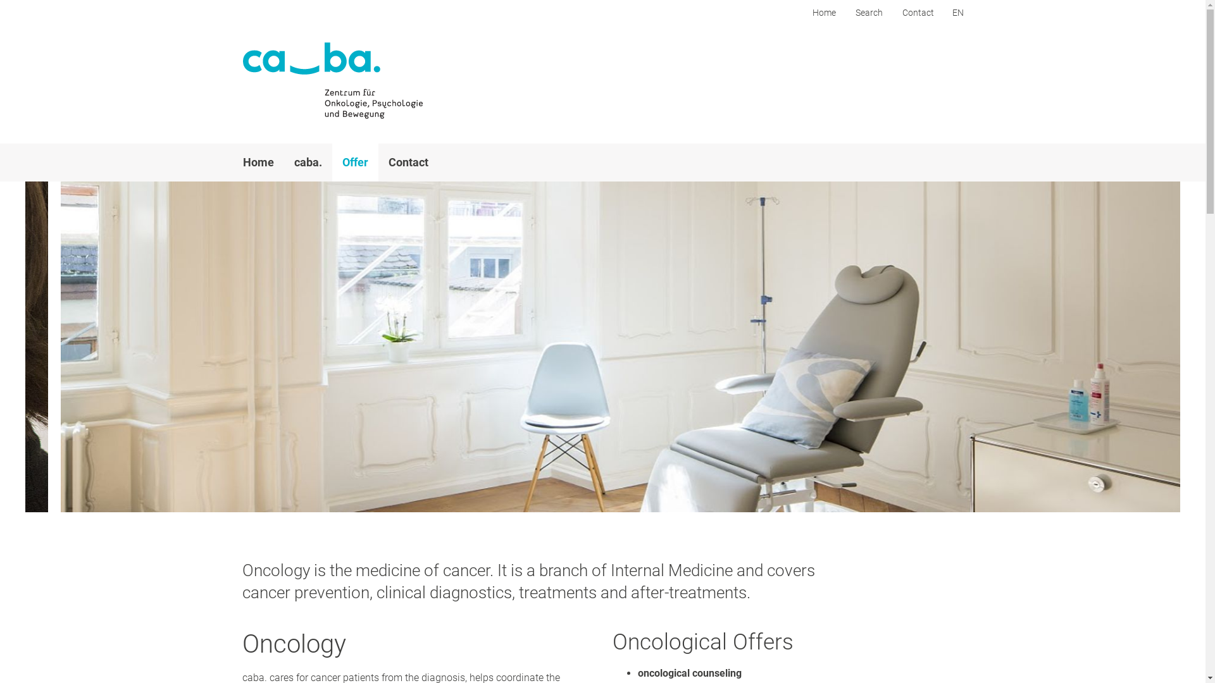 Image resolution: width=1215 pixels, height=683 pixels. What do you see at coordinates (867, 12) in the screenshot?
I see `' Search'` at bounding box center [867, 12].